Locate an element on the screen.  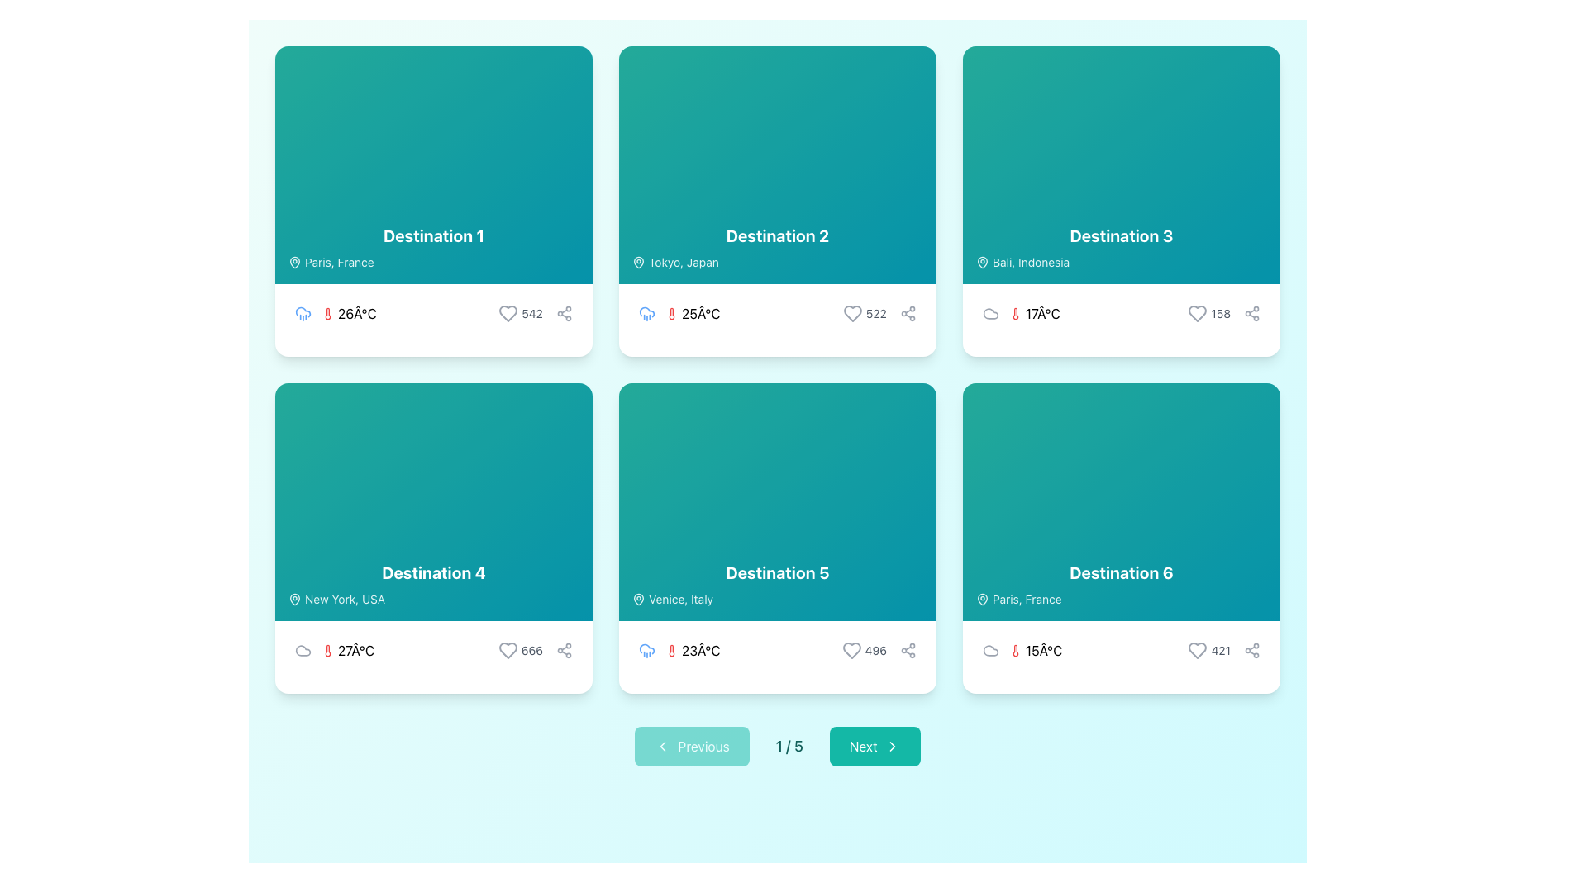
text displayed on the 'Destination 4' label, which is in a bold white font on a teal background, located in the bottom-left quadrant of the interface is located at coordinates (433, 572).